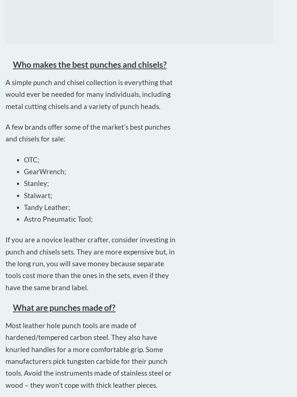  Describe the element at coordinates (38, 195) in the screenshot. I see `'Stalwart;'` at that location.